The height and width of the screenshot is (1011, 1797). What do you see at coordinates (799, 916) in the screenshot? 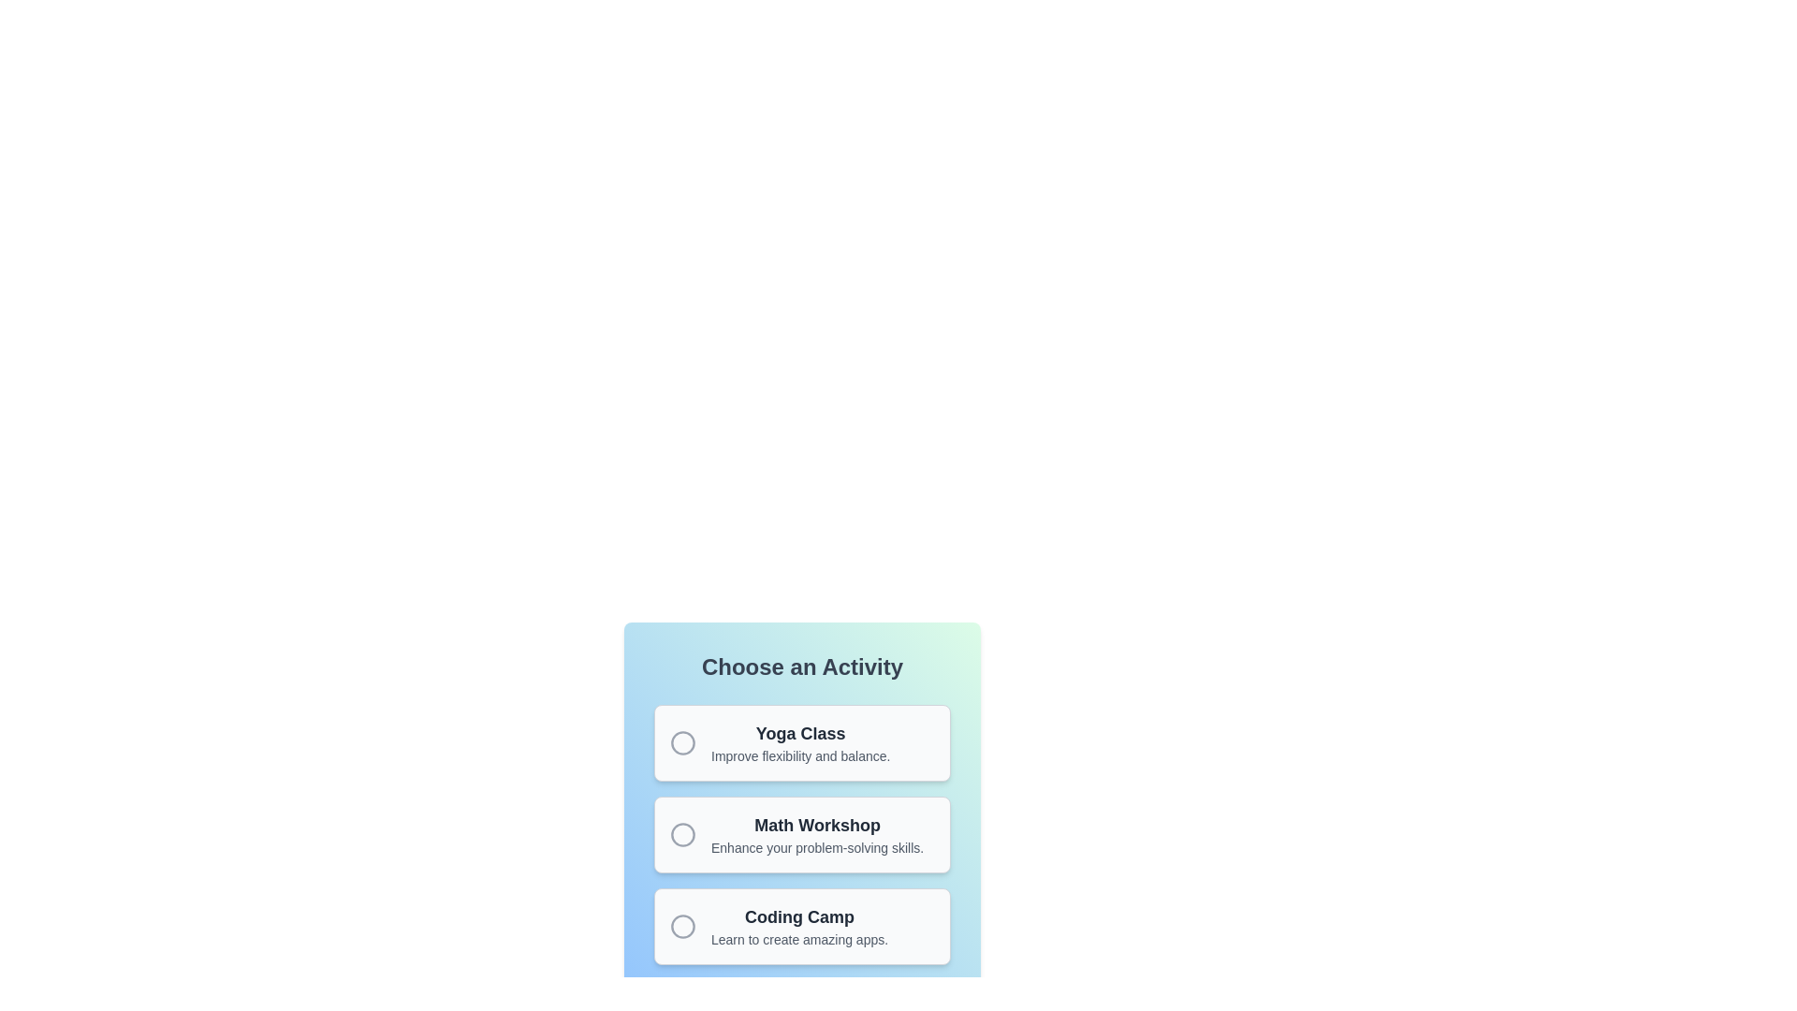
I see `the title text of the selectable card indicating the 'Coding Camp' activity, which is located at the top of the third card in the list, below the 'Math Workshop' card` at bounding box center [799, 916].